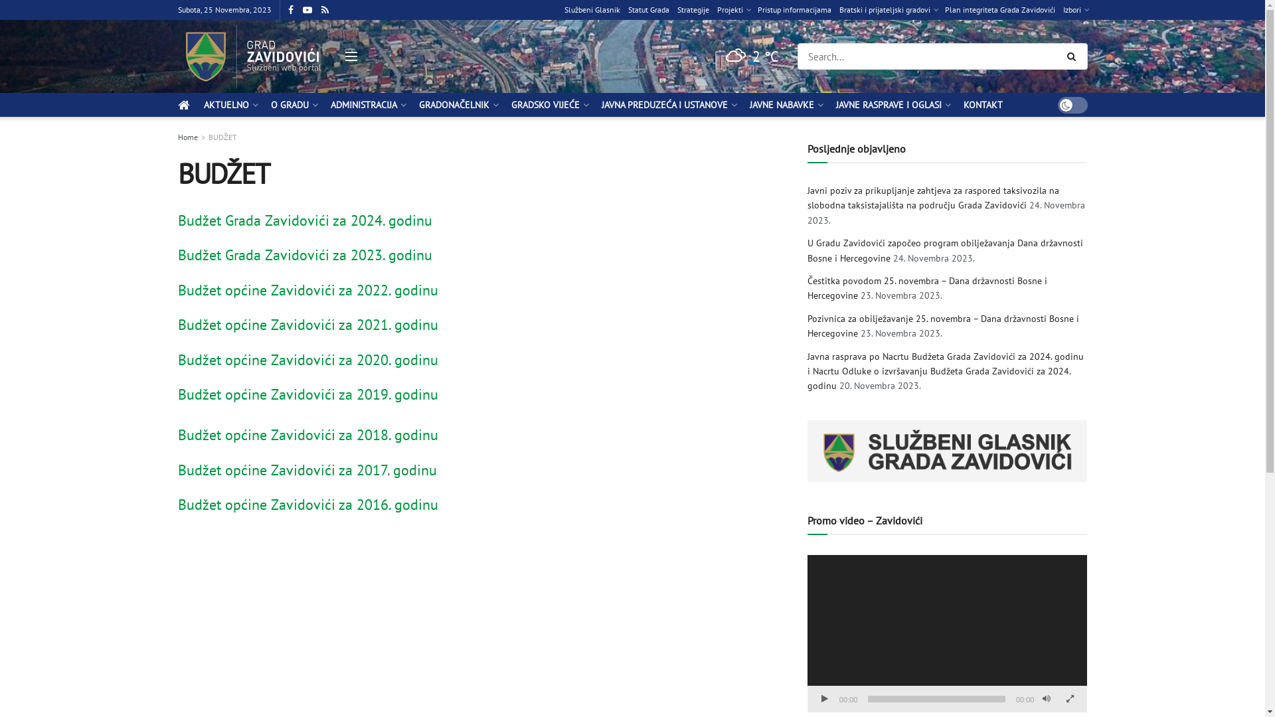 The height and width of the screenshot is (717, 1275). What do you see at coordinates (982, 104) in the screenshot?
I see `'KONTAKT'` at bounding box center [982, 104].